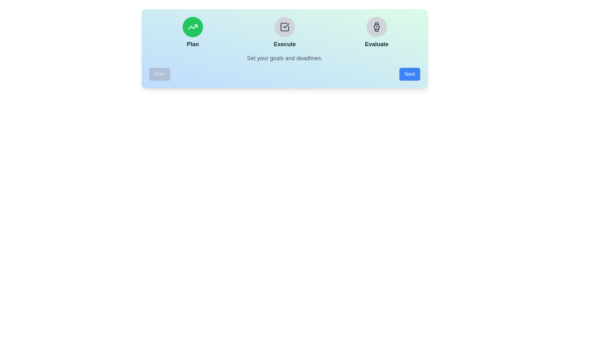 The image size is (613, 344). I want to click on the 'Next' button to proceed to the next step, so click(409, 74).